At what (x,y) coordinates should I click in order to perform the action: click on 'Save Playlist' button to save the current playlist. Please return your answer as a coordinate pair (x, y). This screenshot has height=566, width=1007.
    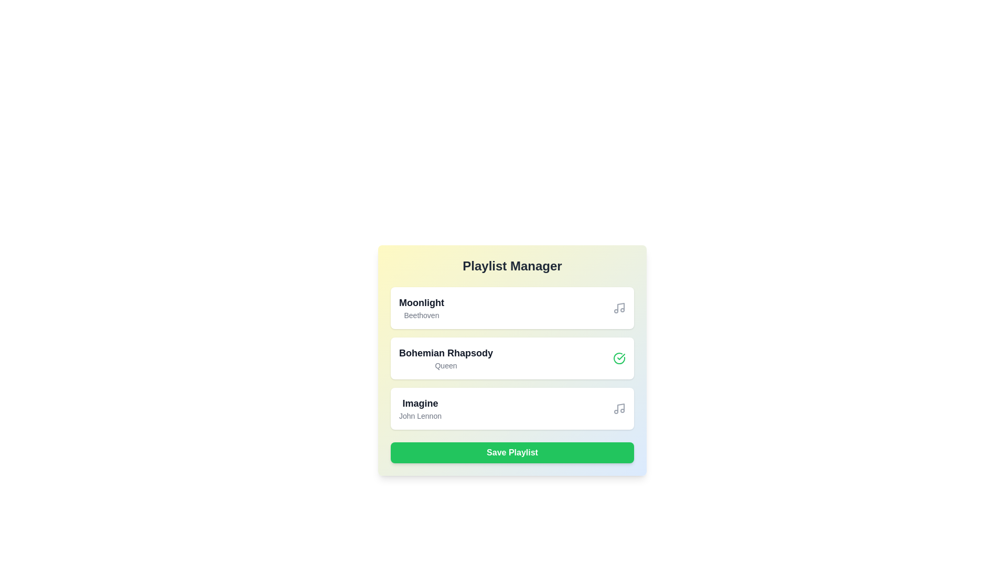
    Looking at the image, I should click on (512, 452).